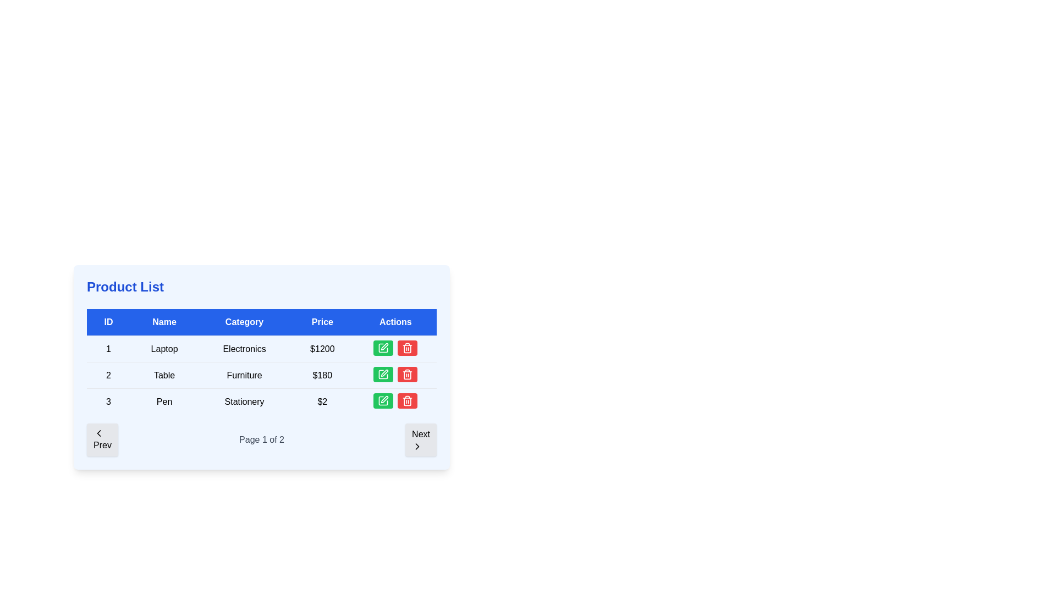  What do you see at coordinates (383, 401) in the screenshot?
I see `the graphical edit button located in the 'Actions' column of the third row in the 'Product List' table` at bounding box center [383, 401].